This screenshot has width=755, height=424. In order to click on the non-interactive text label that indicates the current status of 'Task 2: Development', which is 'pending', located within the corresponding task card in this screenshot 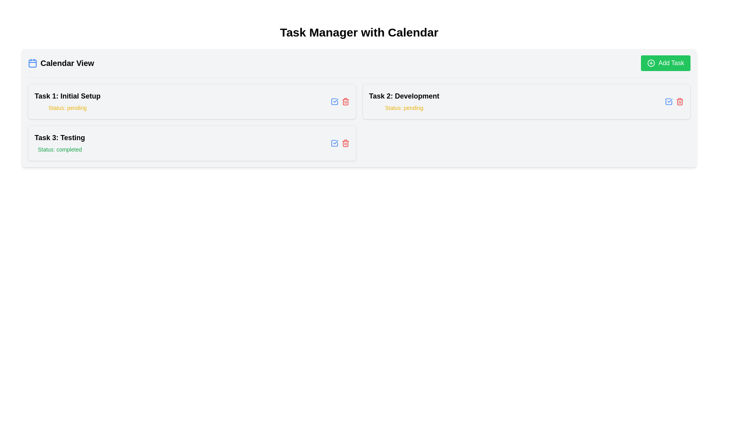, I will do `click(404, 108)`.